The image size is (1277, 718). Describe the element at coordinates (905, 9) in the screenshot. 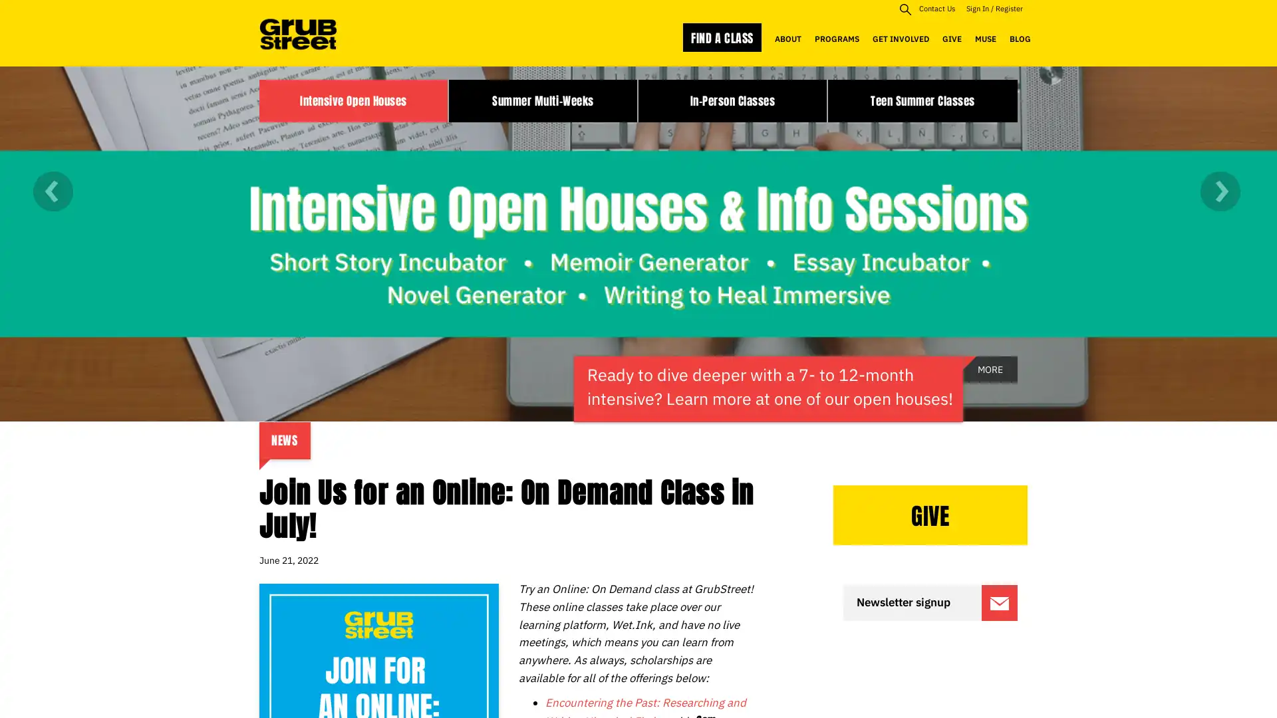

I see `site search` at that location.